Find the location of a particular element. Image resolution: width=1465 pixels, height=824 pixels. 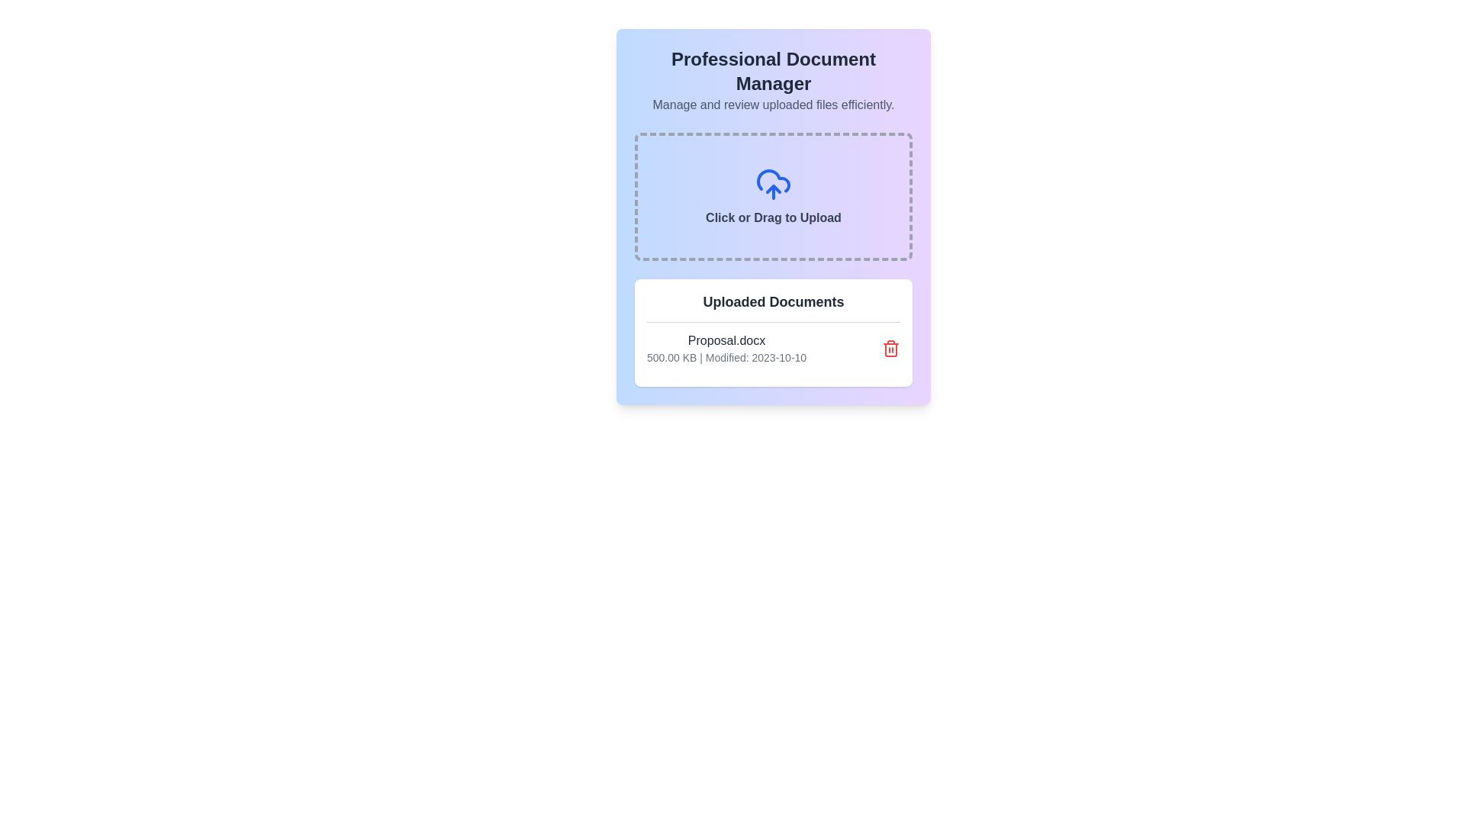

the static text label displaying the filename 'Proposal.docx', which is styled in a bold gray font and positioned at the top of its card in the 'Uploaded Documents' section is located at coordinates (726, 340).